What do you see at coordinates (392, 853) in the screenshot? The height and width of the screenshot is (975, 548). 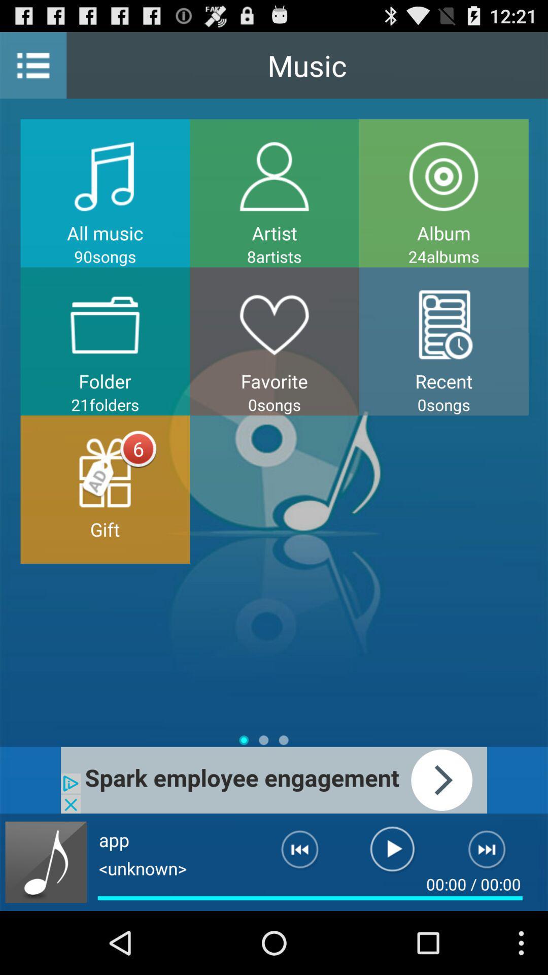 I see `to play music` at bounding box center [392, 853].